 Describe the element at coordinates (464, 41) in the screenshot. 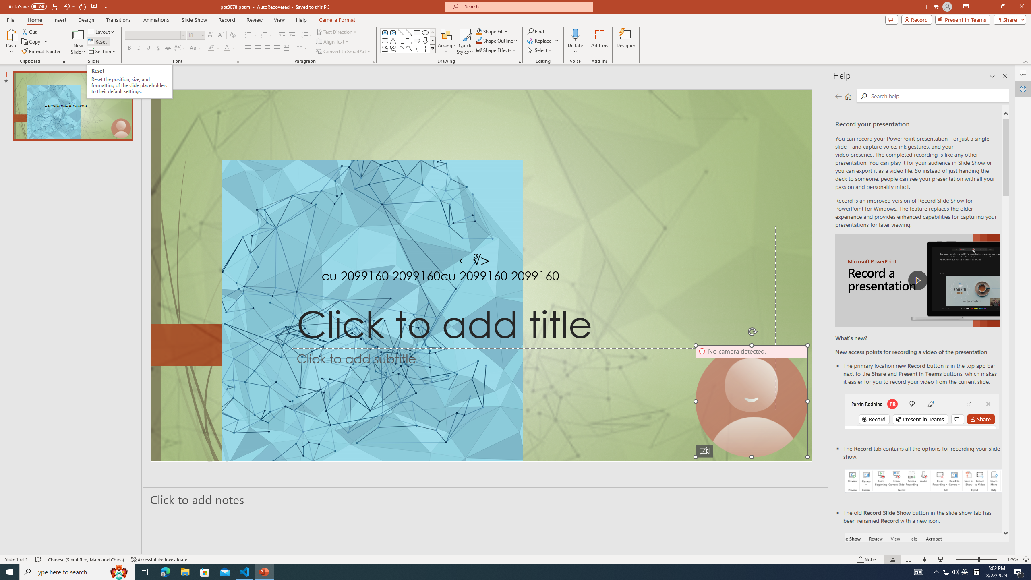

I see `'Quick Styles'` at that location.